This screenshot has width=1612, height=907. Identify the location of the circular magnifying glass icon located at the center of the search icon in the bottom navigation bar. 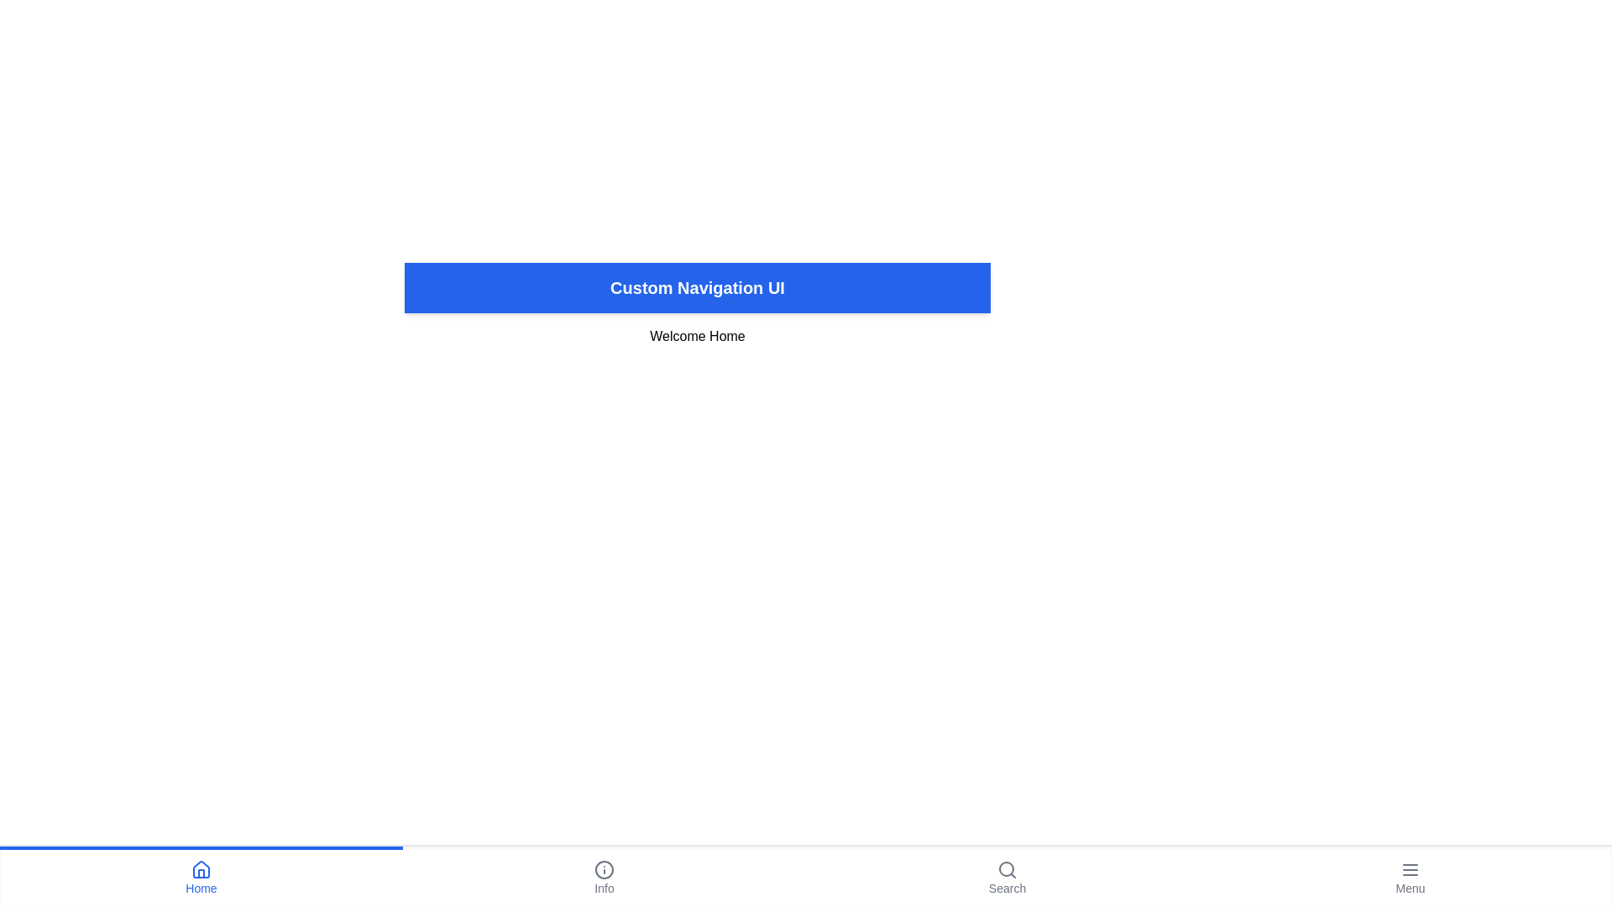
(1007, 868).